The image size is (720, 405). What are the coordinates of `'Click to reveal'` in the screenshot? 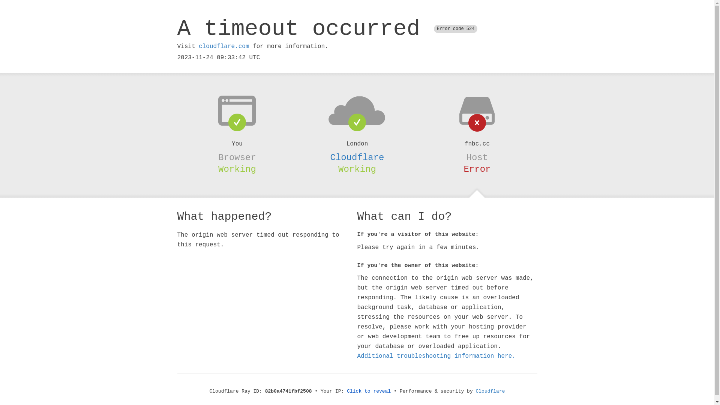 It's located at (369, 391).